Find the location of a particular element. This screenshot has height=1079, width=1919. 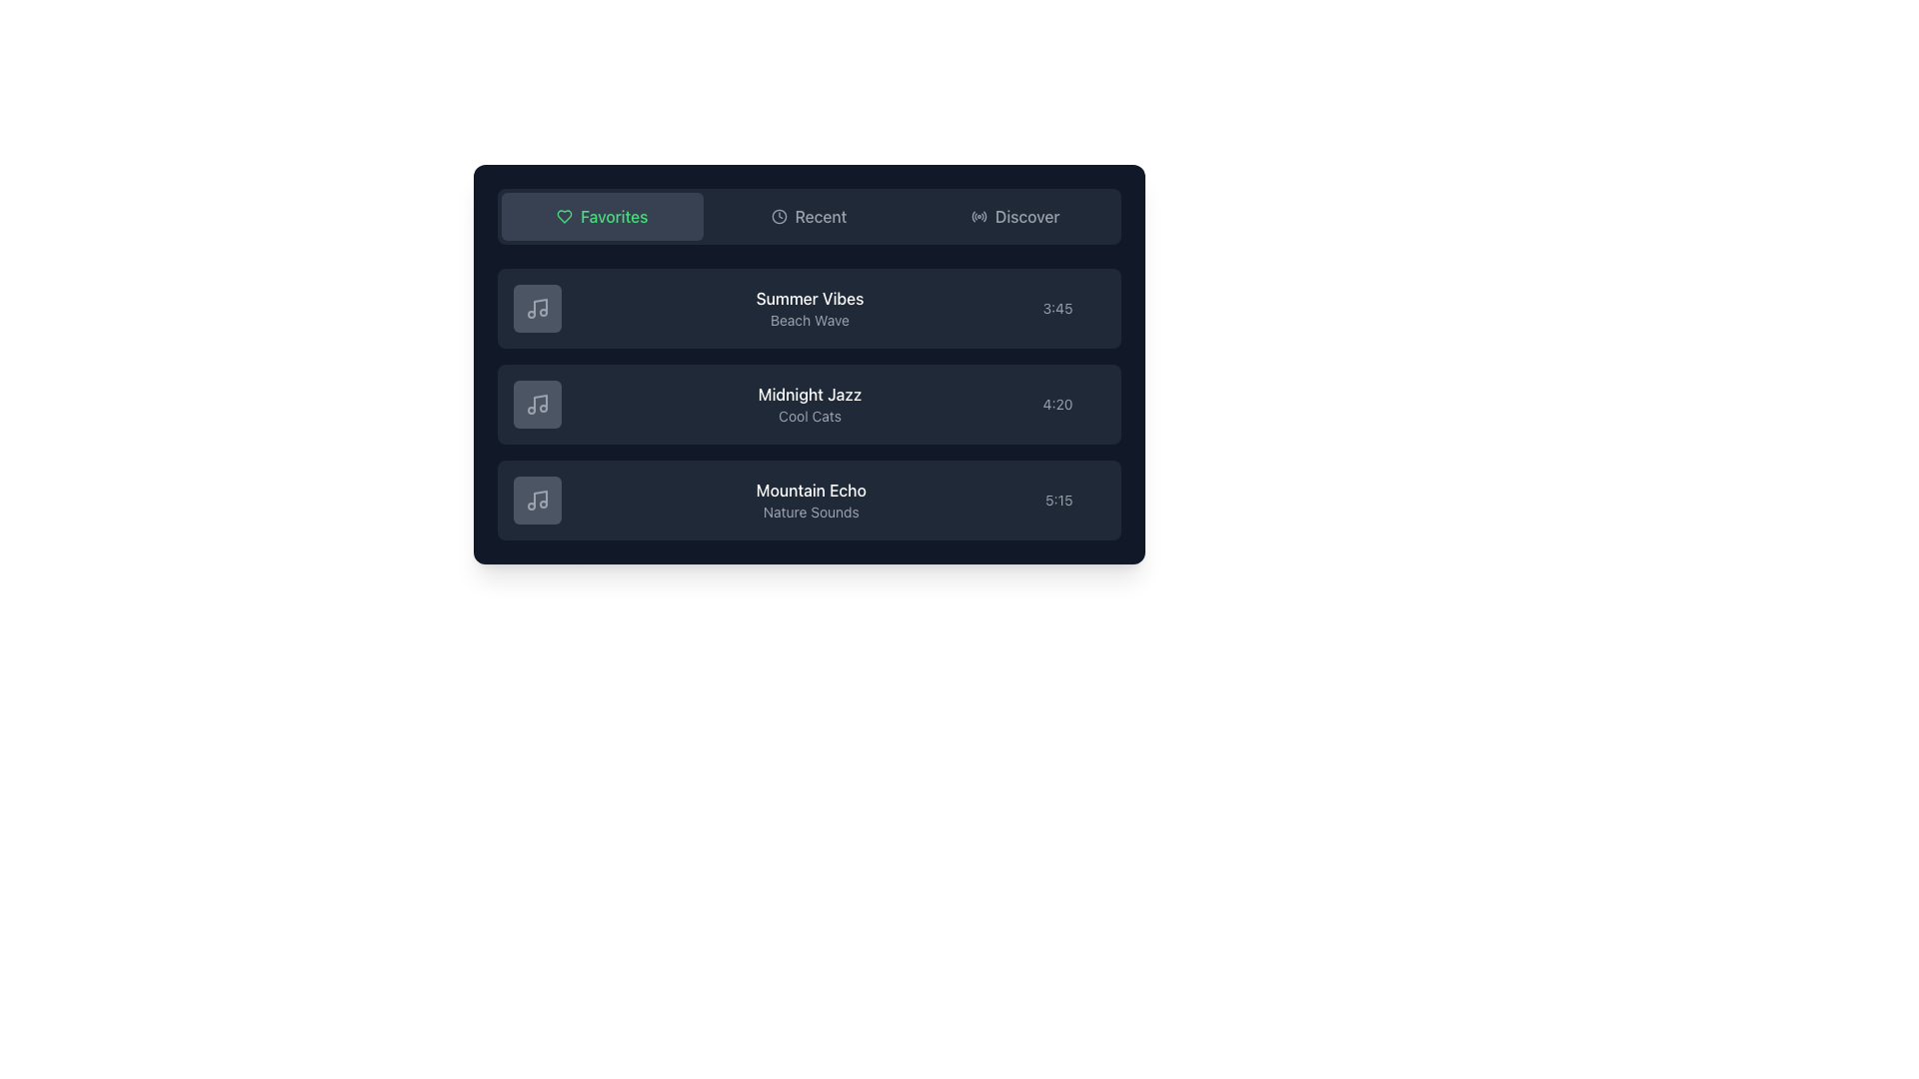

the text label displaying 'Mountain Echo' and 'Nature Sounds', which is the third entry in a vertical list with a dark background is located at coordinates (811, 500).